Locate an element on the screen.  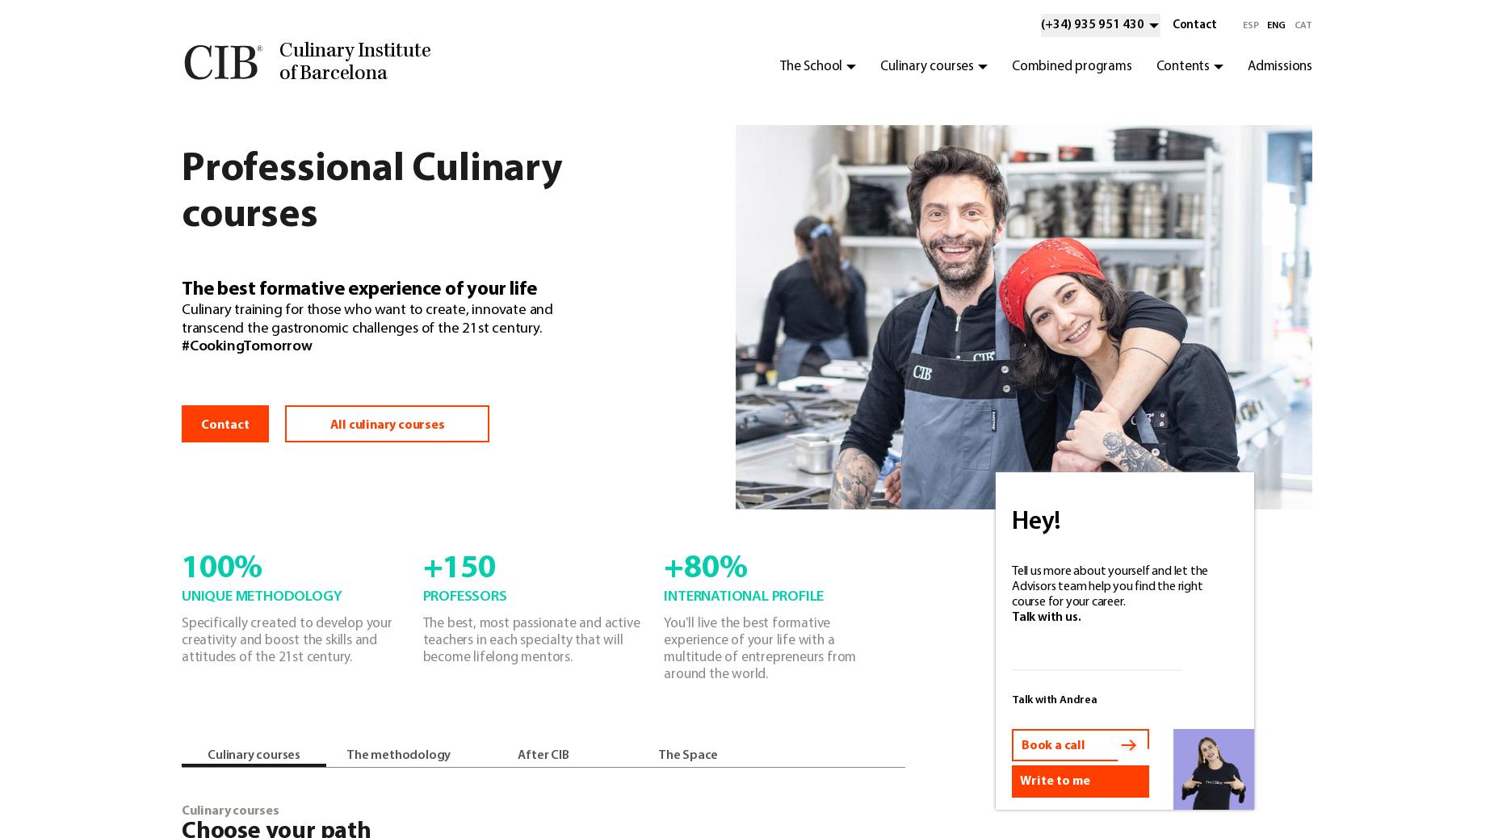
'+80%' is located at coordinates (705, 568).